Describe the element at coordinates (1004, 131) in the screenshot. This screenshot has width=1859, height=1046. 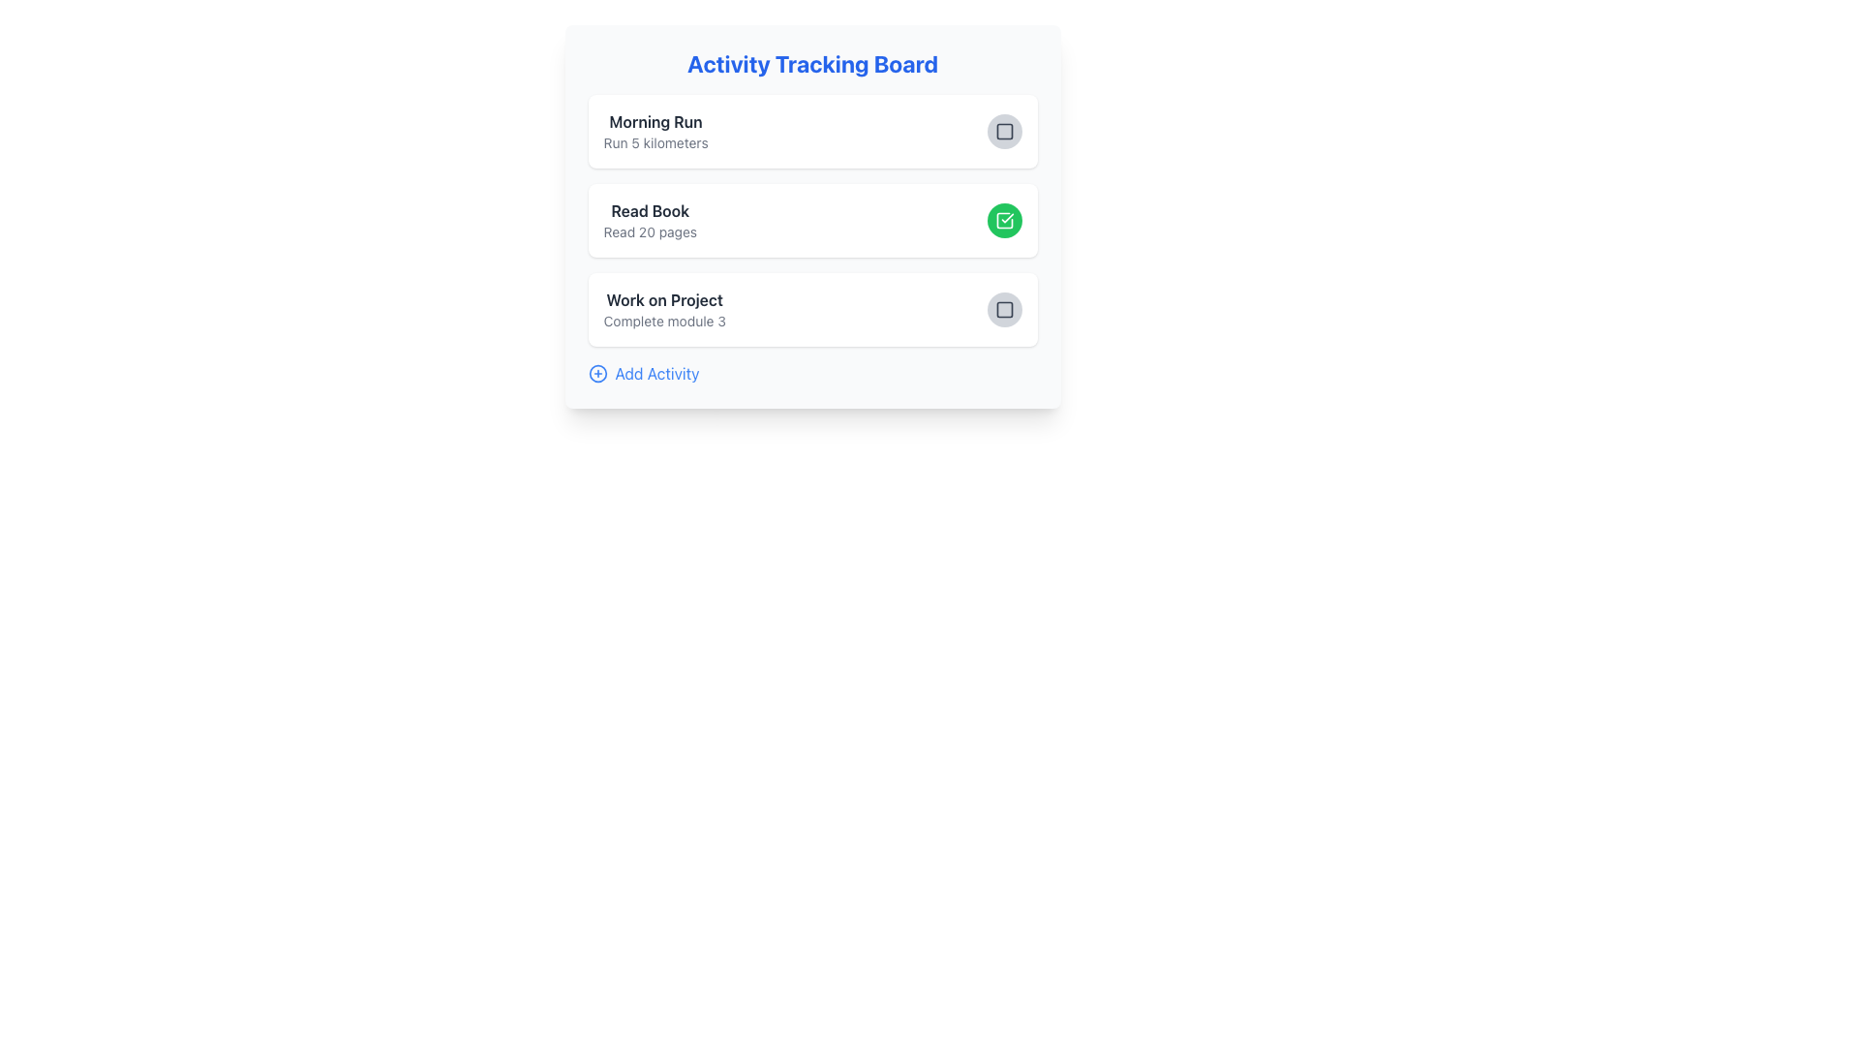
I see `the small gray icon with a red square located at the far-right of the row displaying 'Morning Run'` at that location.